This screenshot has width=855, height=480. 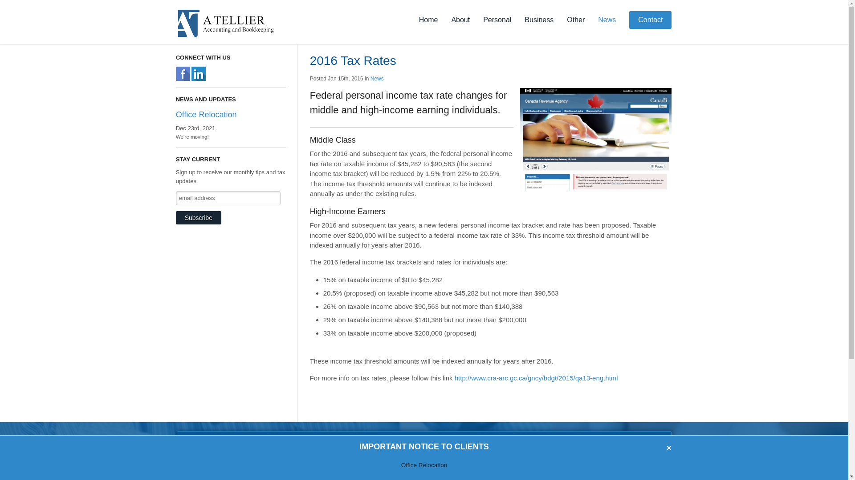 I want to click on 'A Tellier Bookkeeping and Accounting, Welland, LinkedIn', so click(x=191, y=72).